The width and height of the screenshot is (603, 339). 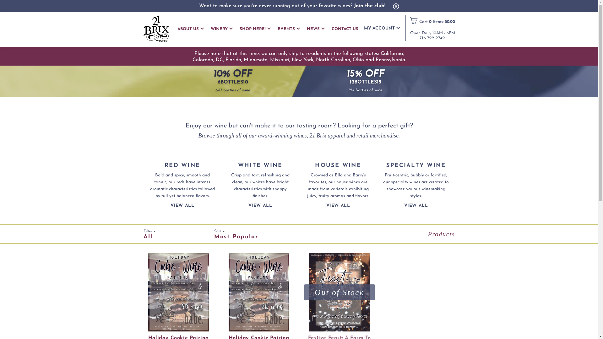 What do you see at coordinates (432, 38) in the screenshot?
I see `'716.792.2749'` at bounding box center [432, 38].